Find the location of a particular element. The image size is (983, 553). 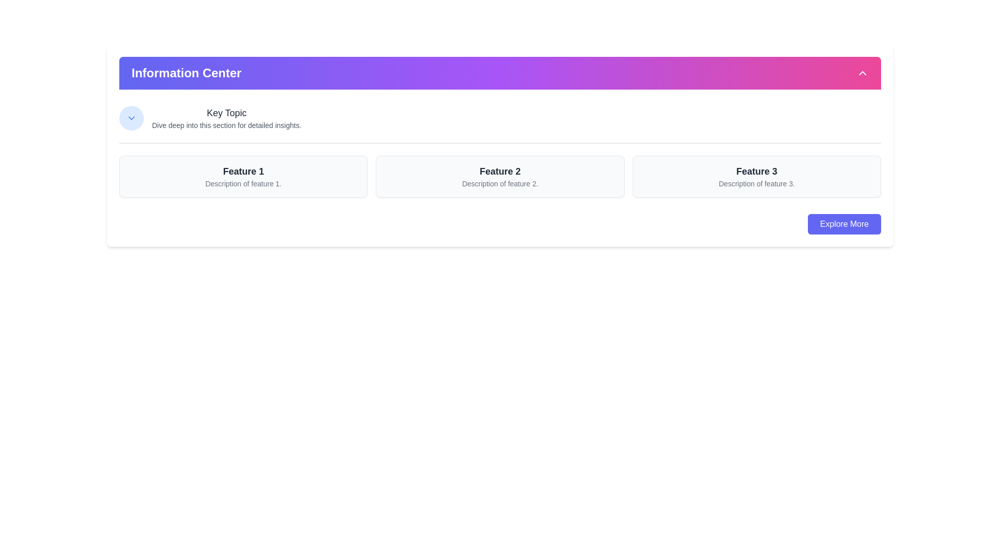

text content of the Text block with heading 'Key Topic' and subheading 'Dive deep into this section for detailed insights.' positioned under the 'Information Center' header is located at coordinates (226, 118).